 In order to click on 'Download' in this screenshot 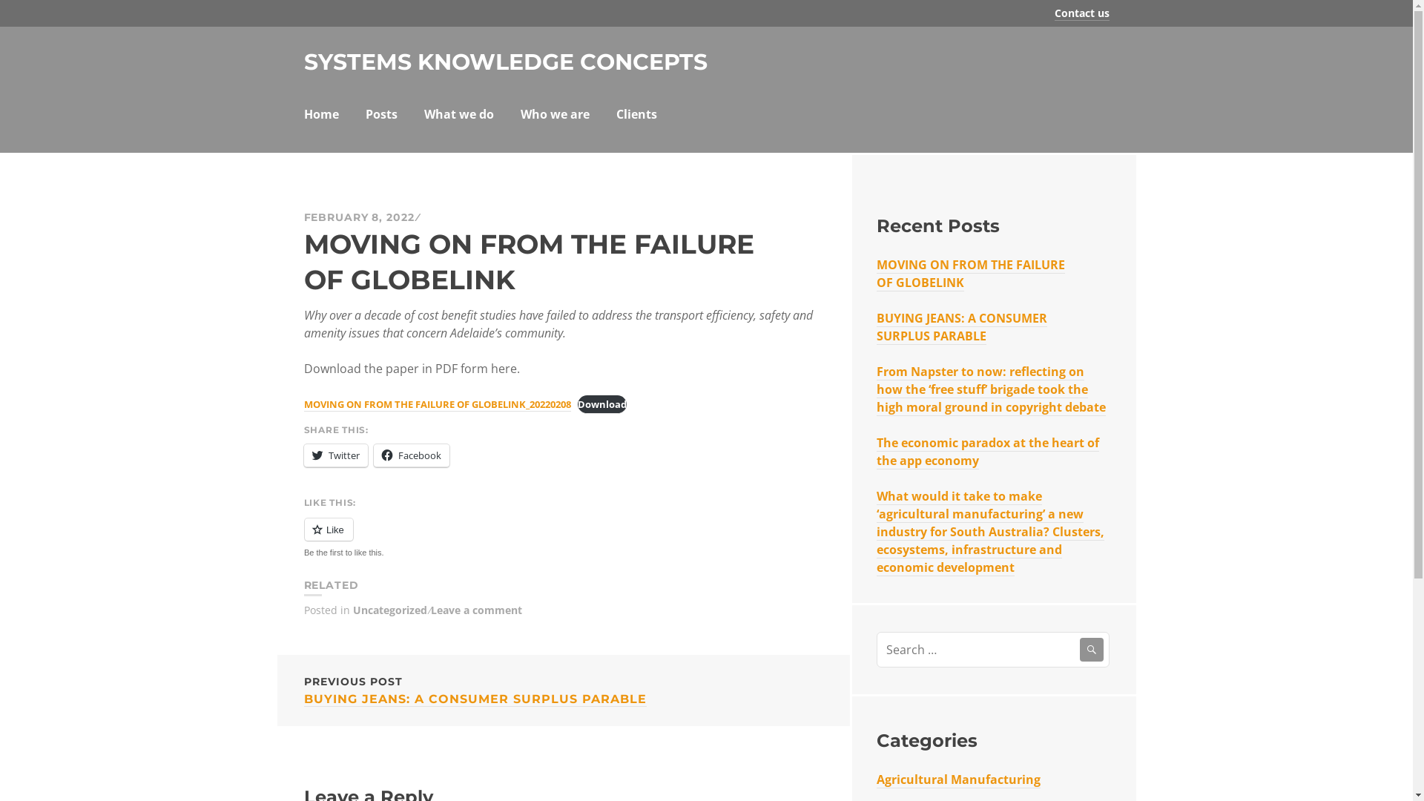, I will do `click(601, 404)`.